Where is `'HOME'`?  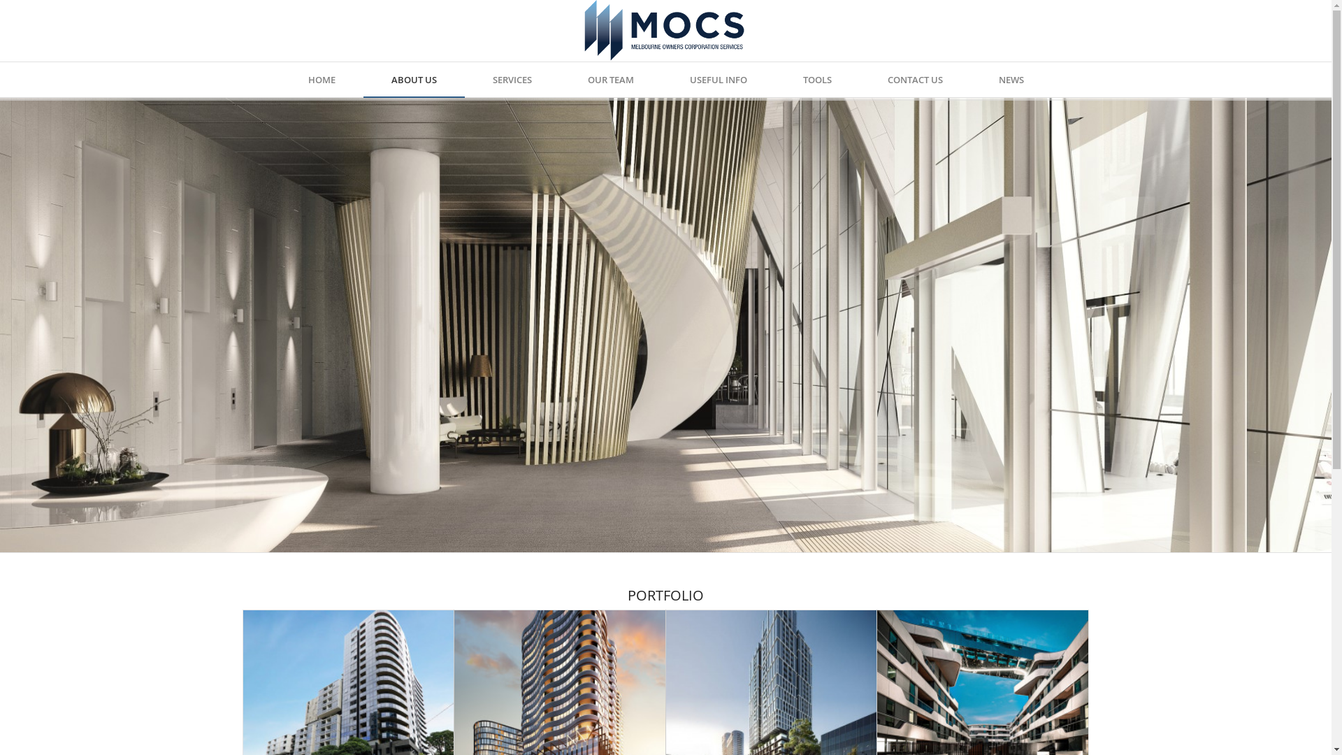
'HOME' is located at coordinates (320, 80).